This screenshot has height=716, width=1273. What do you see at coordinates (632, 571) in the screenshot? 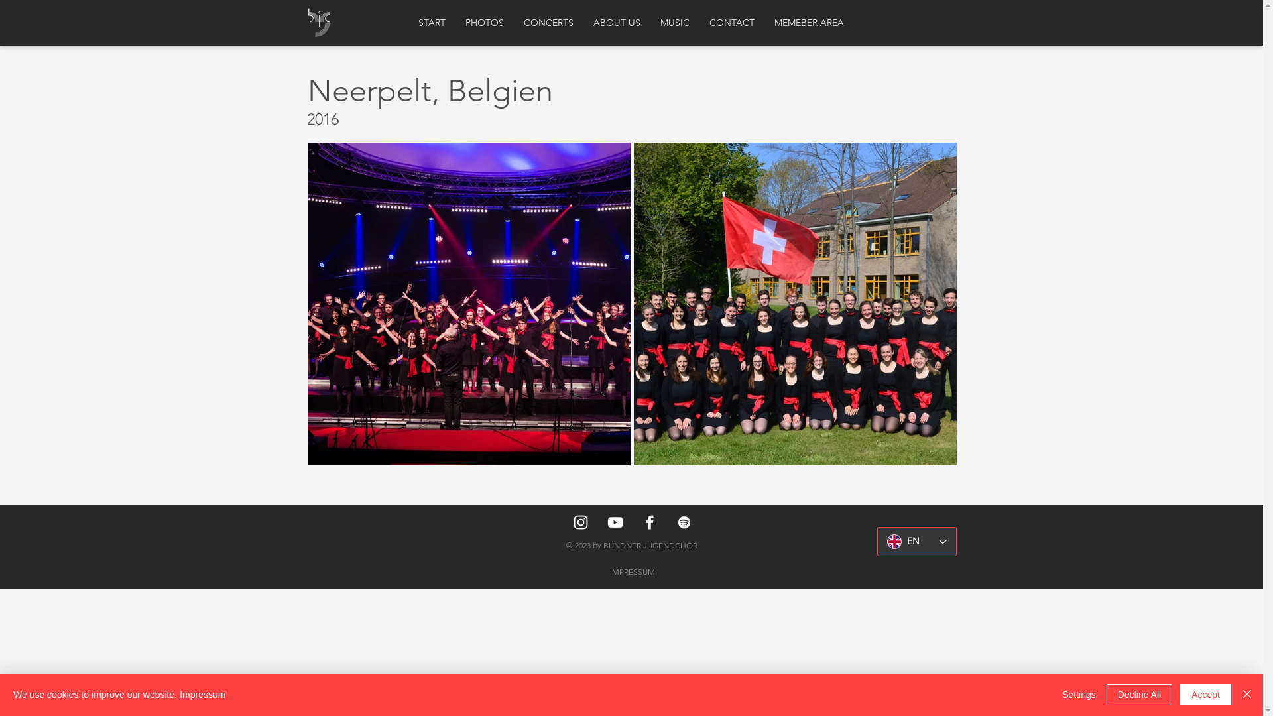
I see `'IMPRESSUM'` at bounding box center [632, 571].